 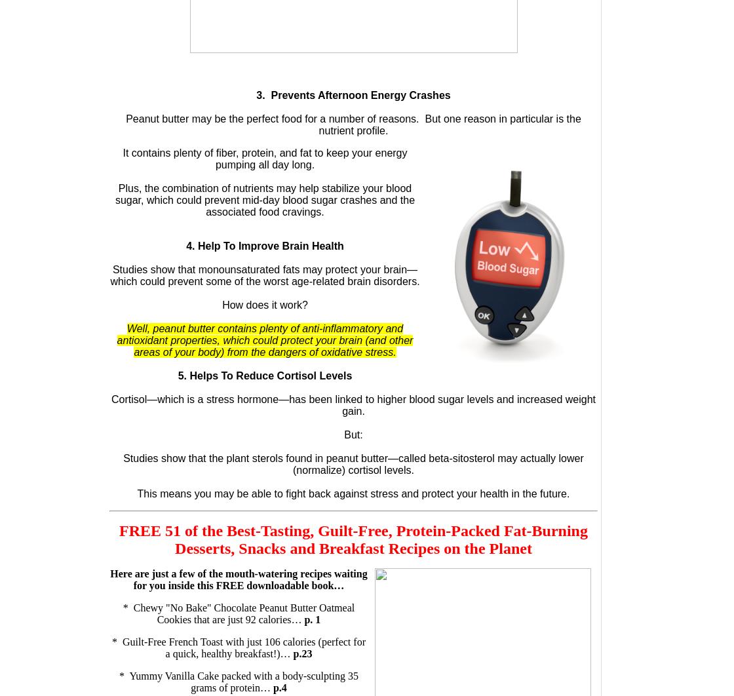 What do you see at coordinates (353, 125) in the screenshot?
I see `'Peanut butter may be the perfect food for a number of reasons.  But one reason in particular is the nutrient profile.'` at bounding box center [353, 125].